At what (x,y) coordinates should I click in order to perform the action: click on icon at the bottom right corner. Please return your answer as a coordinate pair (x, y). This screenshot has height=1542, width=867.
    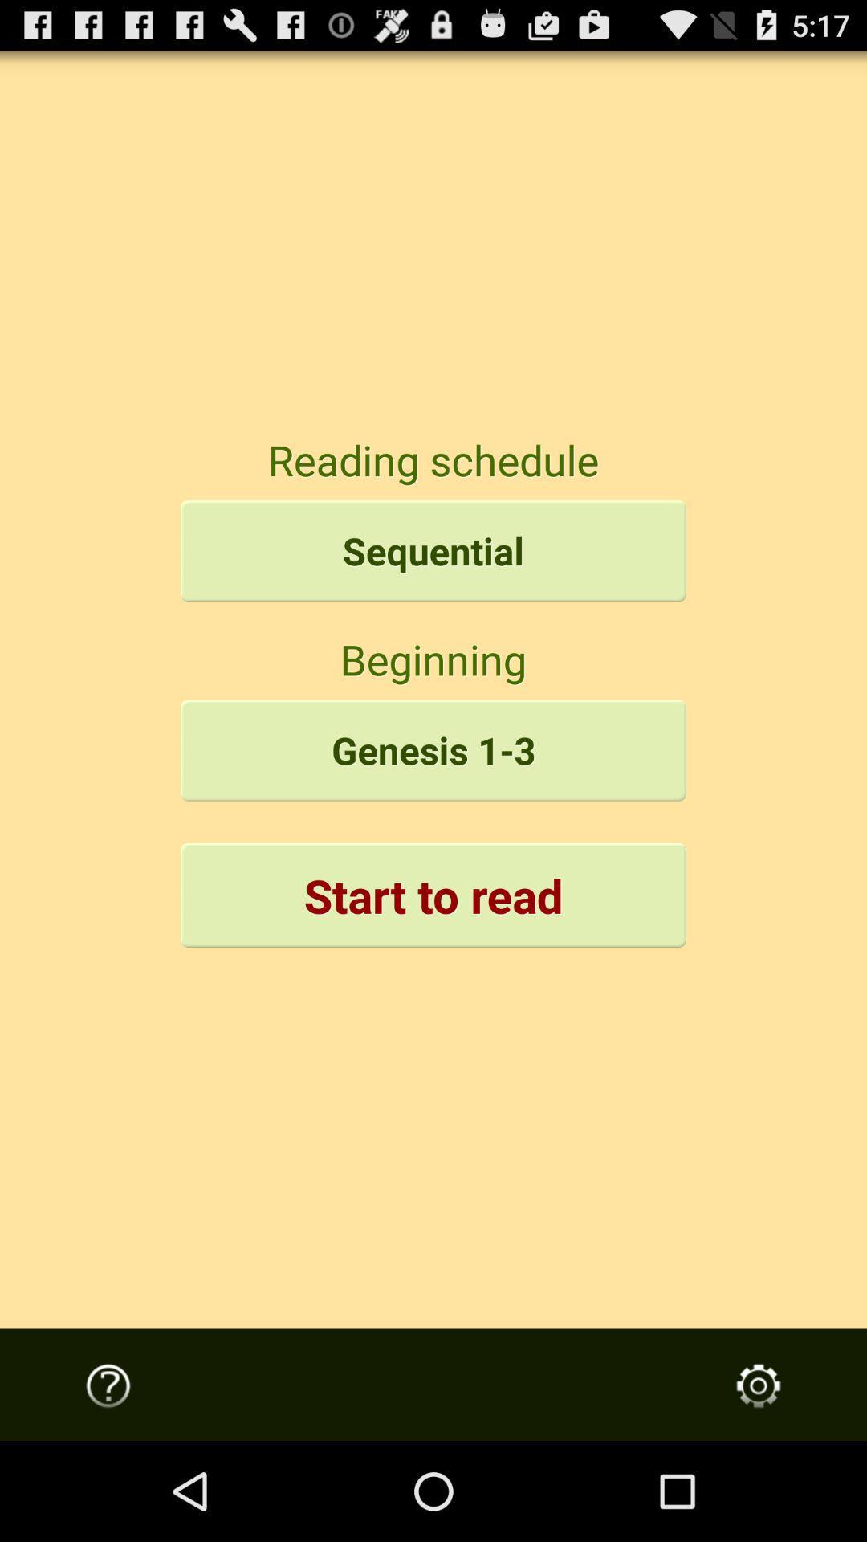
    Looking at the image, I should click on (759, 1385).